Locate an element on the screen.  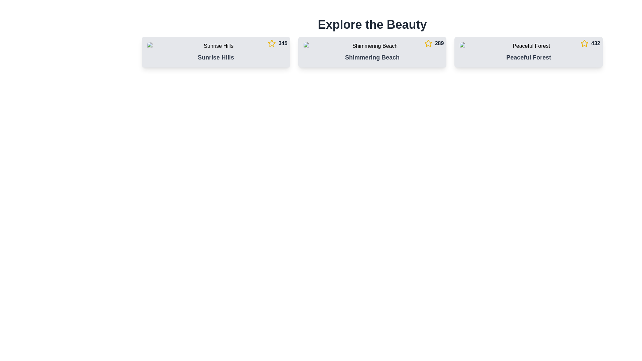
the image thumbnail representing 'Peaceful Forest' to enlarge it or navigate to related content is located at coordinates (528, 46).